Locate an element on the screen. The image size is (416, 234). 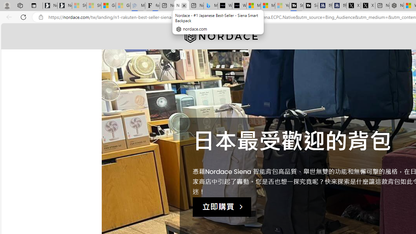
'Nordace - My Account' is located at coordinates (396, 6).